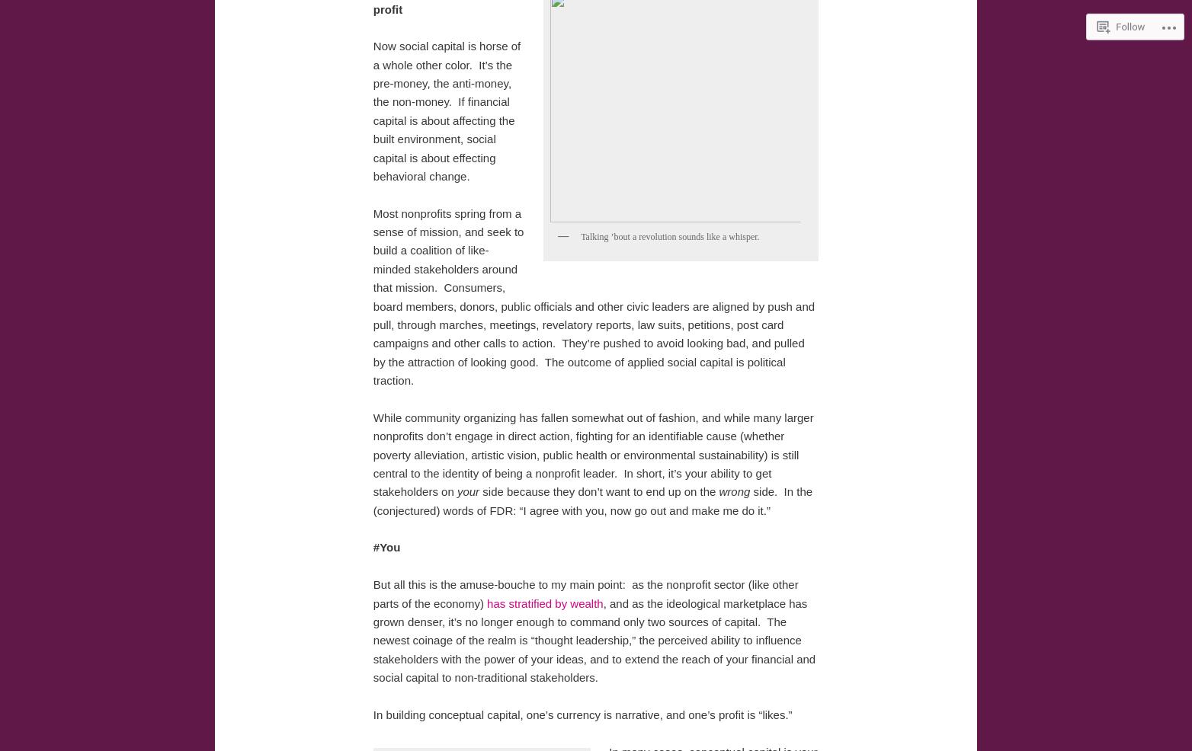 The image size is (1192, 751). I want to click on 'has stratified by wealth', so click(544, 602).